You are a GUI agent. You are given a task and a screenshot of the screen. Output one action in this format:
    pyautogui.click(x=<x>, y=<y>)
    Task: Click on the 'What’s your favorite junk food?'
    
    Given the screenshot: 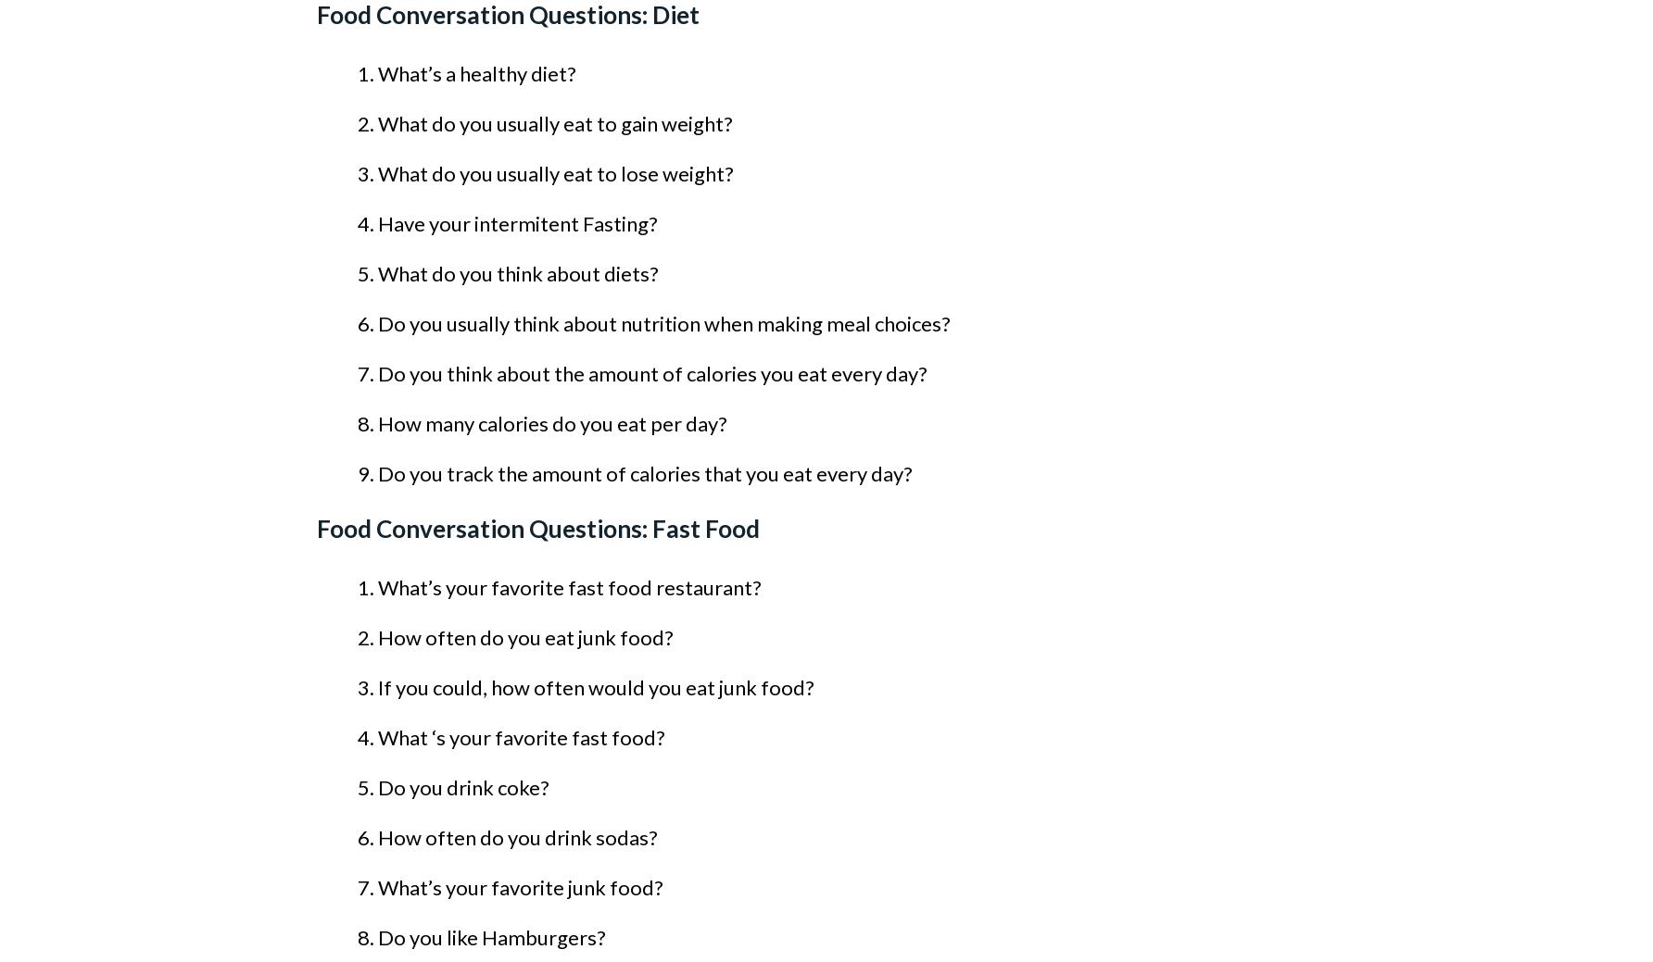 What is the action you would take?
    pyautogui.click(x=519, y=887)
    